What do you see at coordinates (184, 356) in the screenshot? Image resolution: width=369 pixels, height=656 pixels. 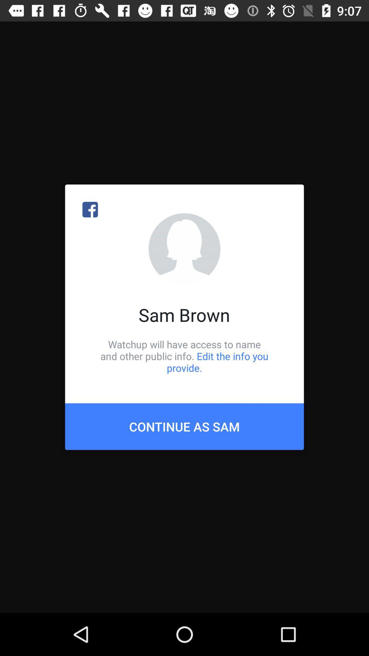 I see `the watchup will have` at bounding box center [184, 356].